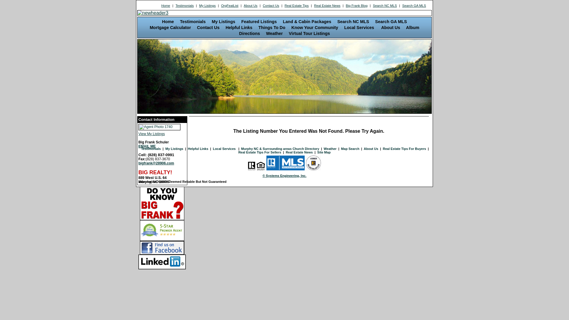 This screenshot has width=569, height=320. I want to click on 'Search NC MLS', so click(353, 21).